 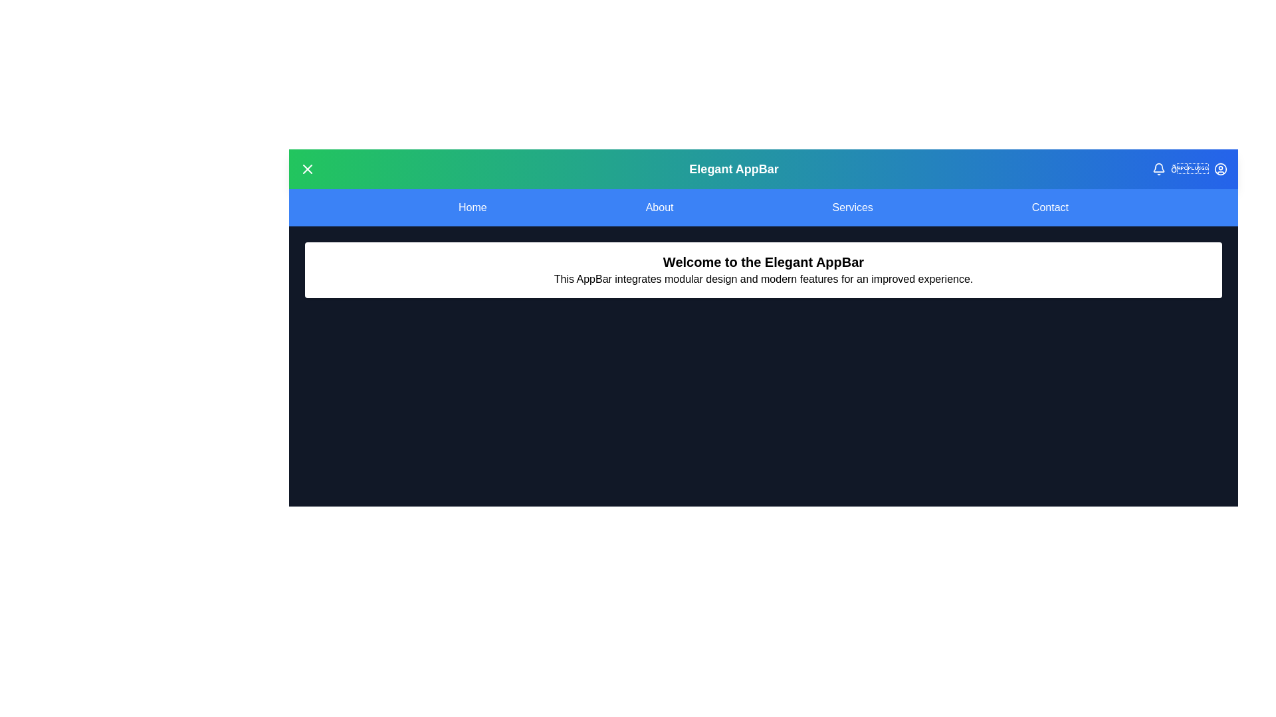 What do you see at coordinates (1158, 168) in the screenshot?
I see `the notification icon in the app bar` at bounding box center [1158, 168].